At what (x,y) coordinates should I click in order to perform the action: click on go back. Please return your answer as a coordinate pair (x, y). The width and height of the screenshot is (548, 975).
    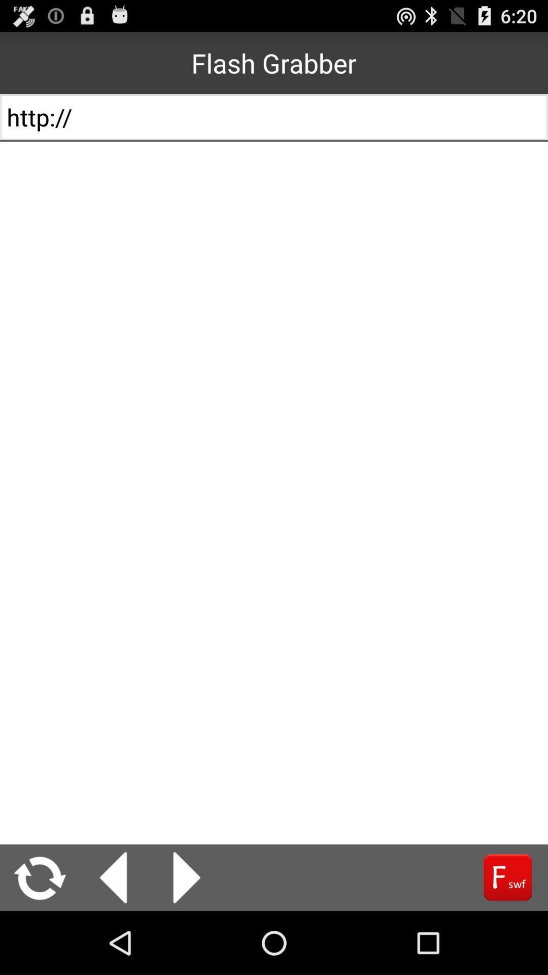
    Looking at the image, I should click on (113, 877).